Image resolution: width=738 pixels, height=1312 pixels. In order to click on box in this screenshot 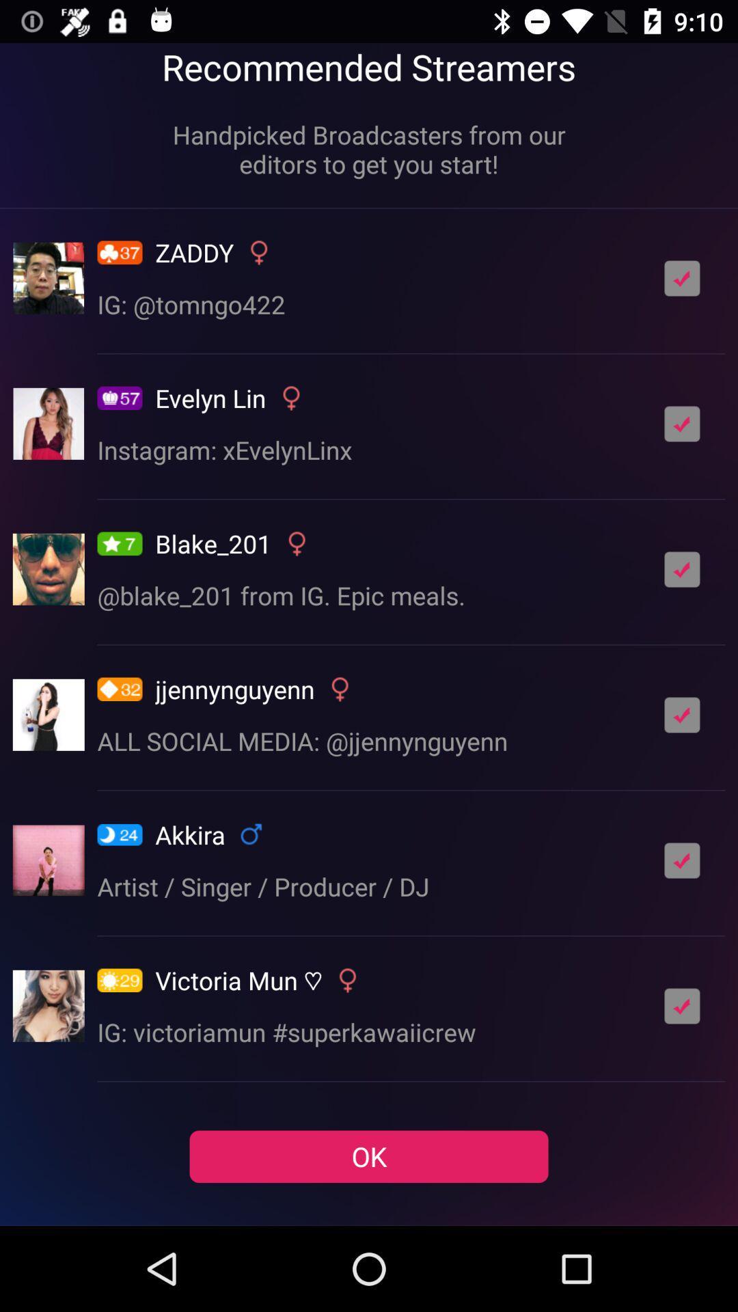, I will do `click(682, 423)`.